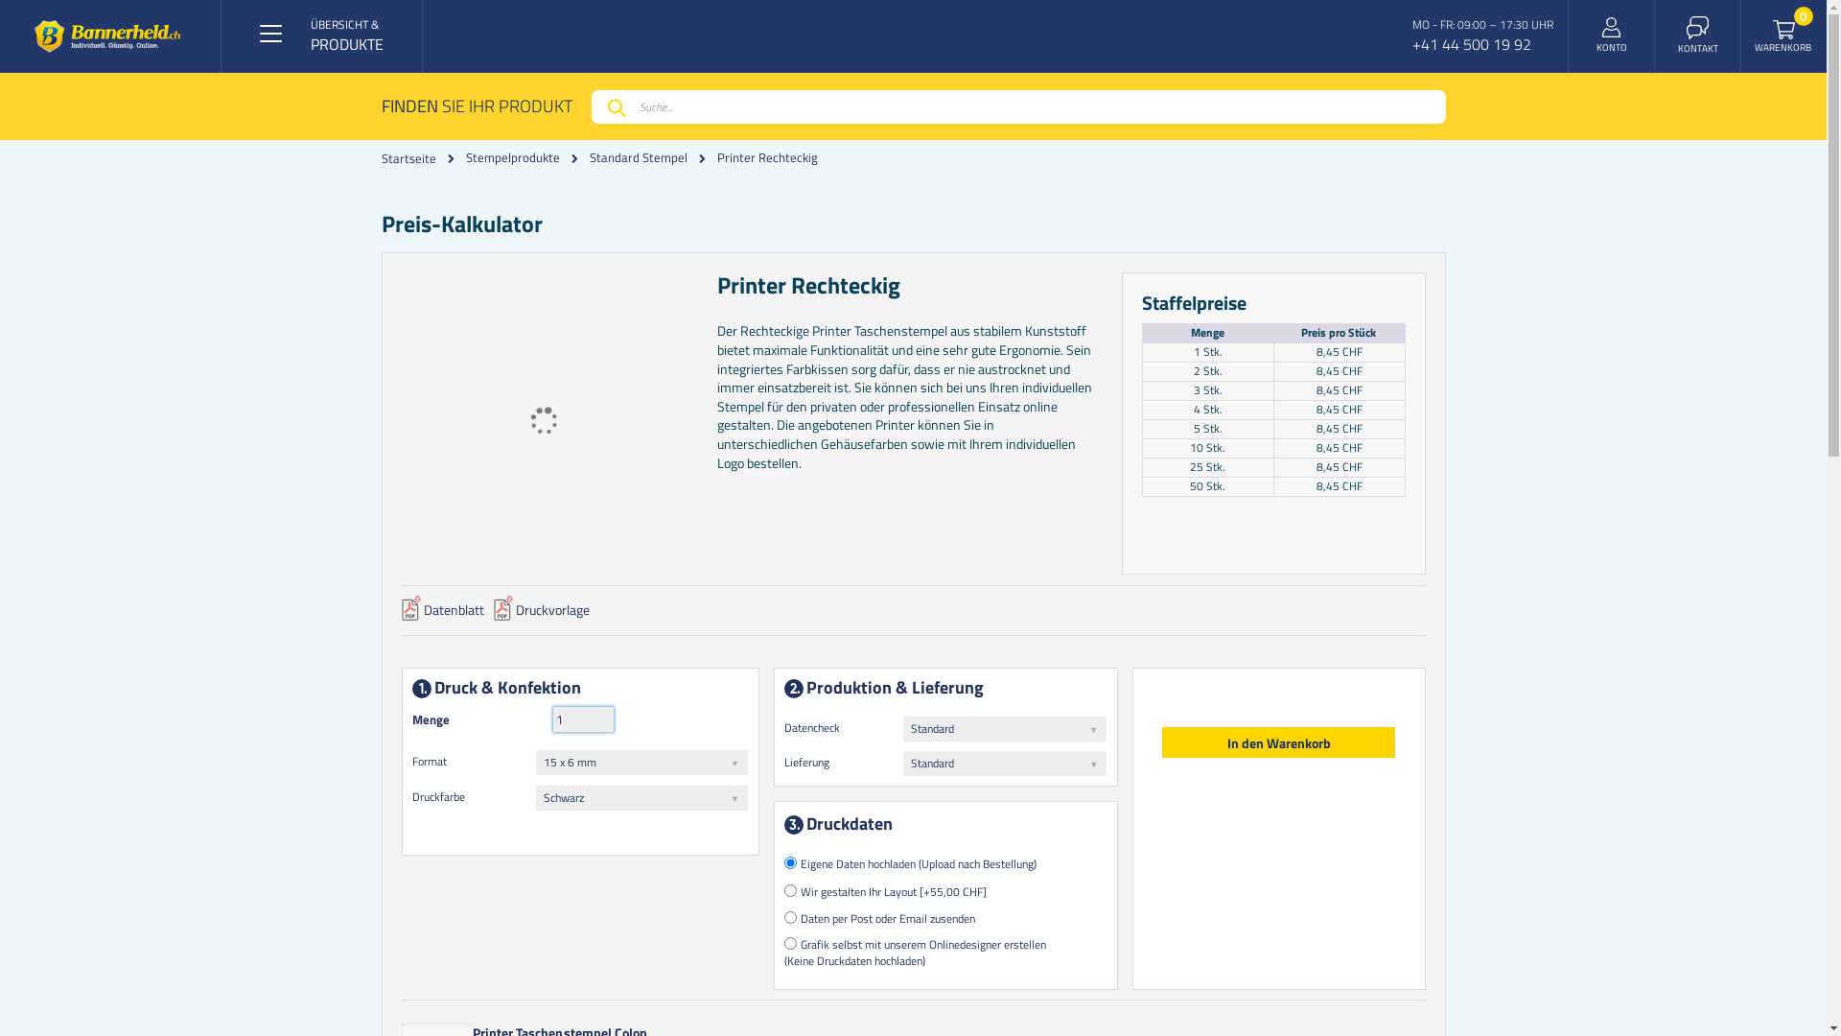 This screenshot has width=1841, height=1036. What do you see at coordinates (399, 615) in the screenshot?
I see `'Datenblatt'` at bounding box center [399, 615].